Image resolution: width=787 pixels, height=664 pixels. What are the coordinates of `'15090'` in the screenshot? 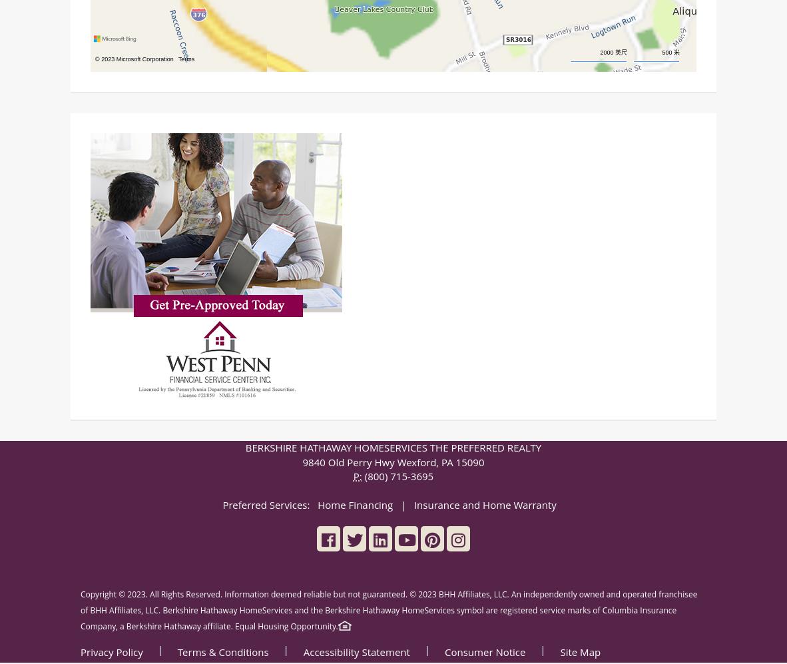 It's located at (469, 463).